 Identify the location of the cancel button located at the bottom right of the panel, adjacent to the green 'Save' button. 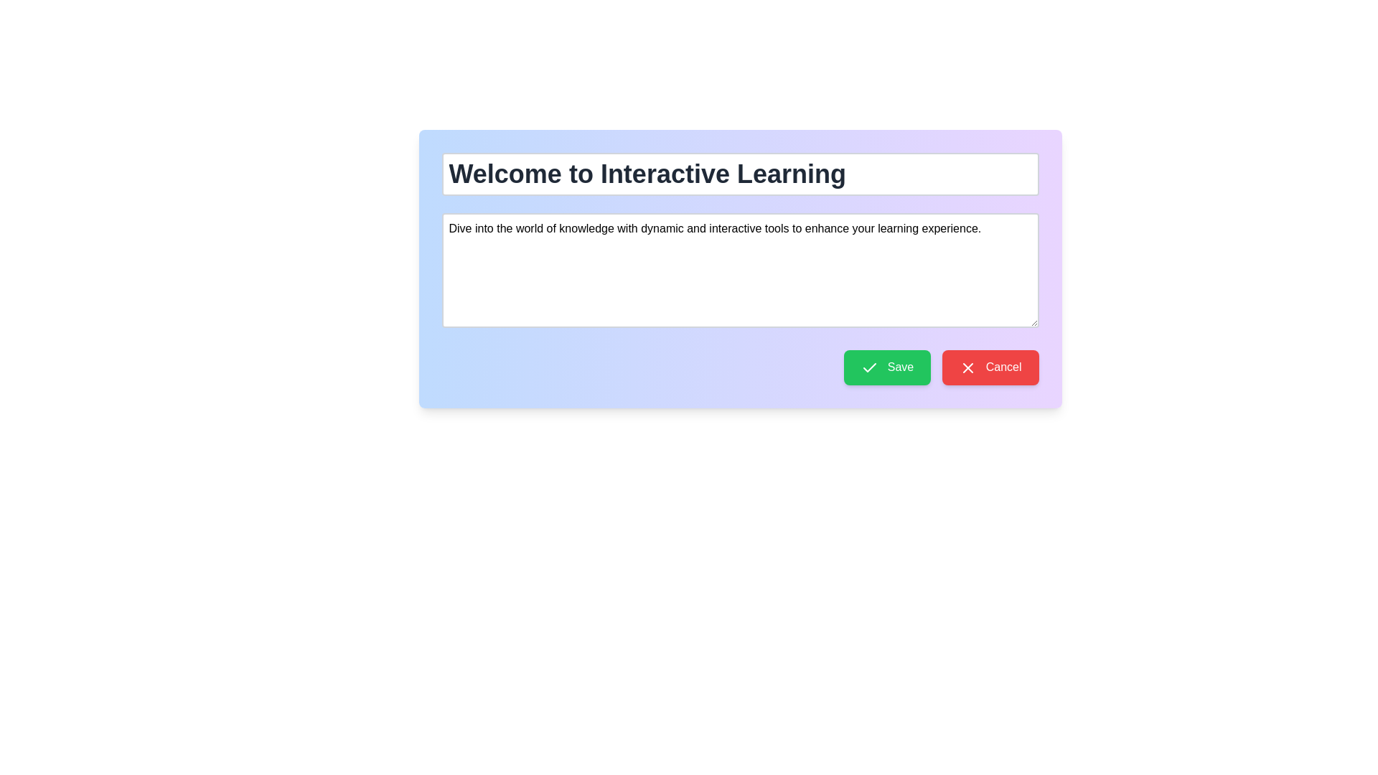
(990, 367).